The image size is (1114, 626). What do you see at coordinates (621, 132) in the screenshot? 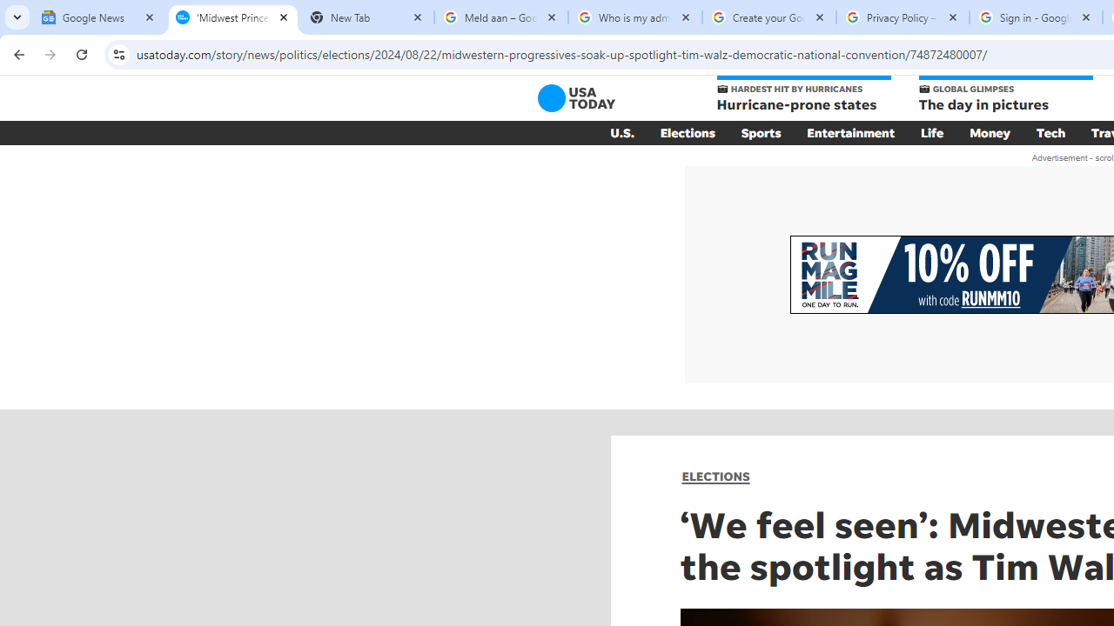
I see `'U.S.'` at bounding box center [621, 132].